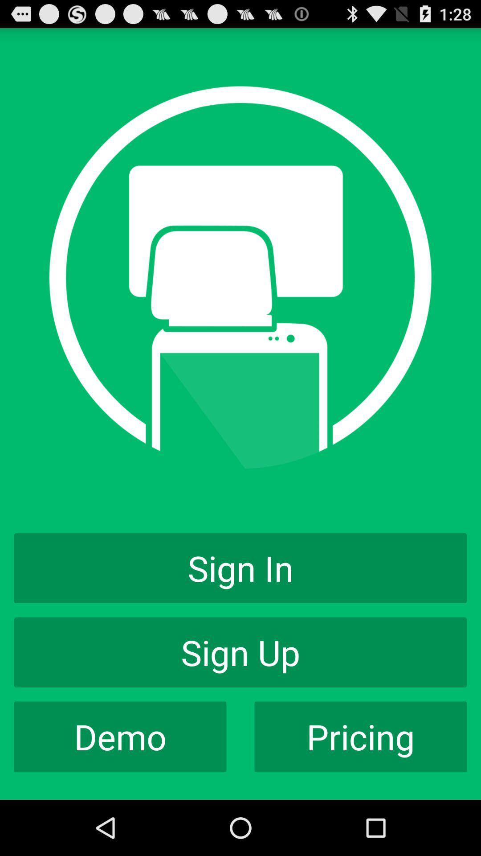 The width and height of the screenshot is (481, 856). Describe the element at coordinates (120, 737) in the screenshot. I see `the icon below sign up item` at that location.